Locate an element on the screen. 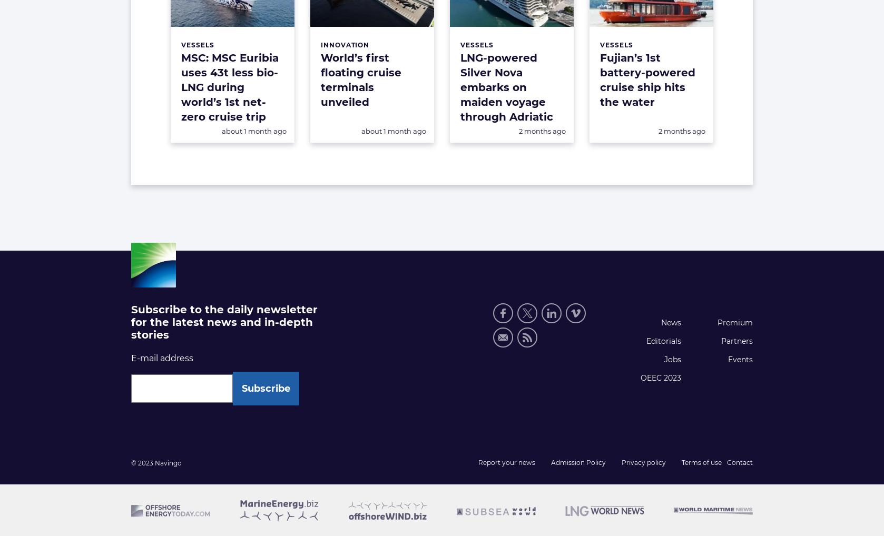  'LNG-powered Silver Nova embarks on maiden voyage through Adriatic' is located at coordinates (460, 87).